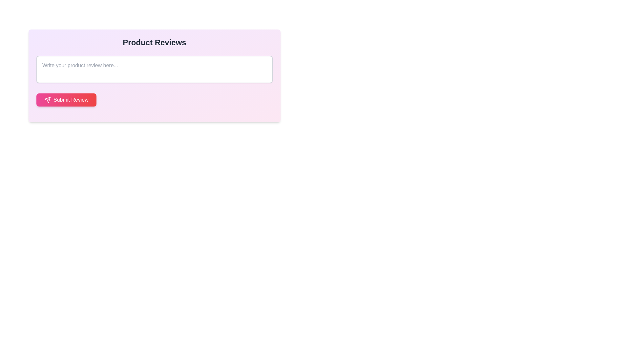  Describe the element at coordinates (66, 100) in the screenshot. I see `the 'Submit Review' button with a pink to red gradient background` at that location.